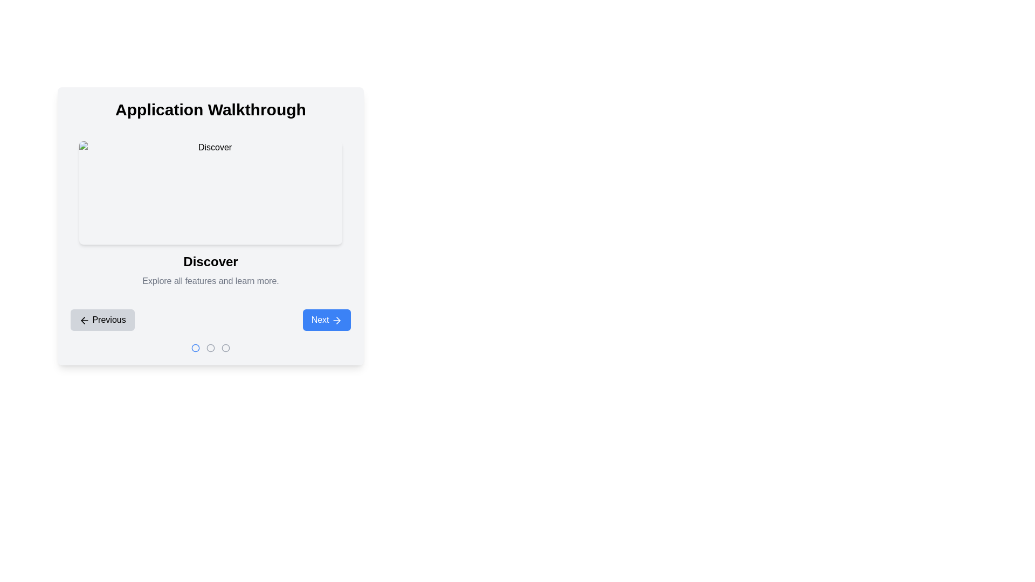 Image resolution: width=1035 pixels, height=582 pixels. I want to click on the rightward-pointing arrow icon inside the 'Next' button located at the bottom-right portion of the window, so click(337, 320).